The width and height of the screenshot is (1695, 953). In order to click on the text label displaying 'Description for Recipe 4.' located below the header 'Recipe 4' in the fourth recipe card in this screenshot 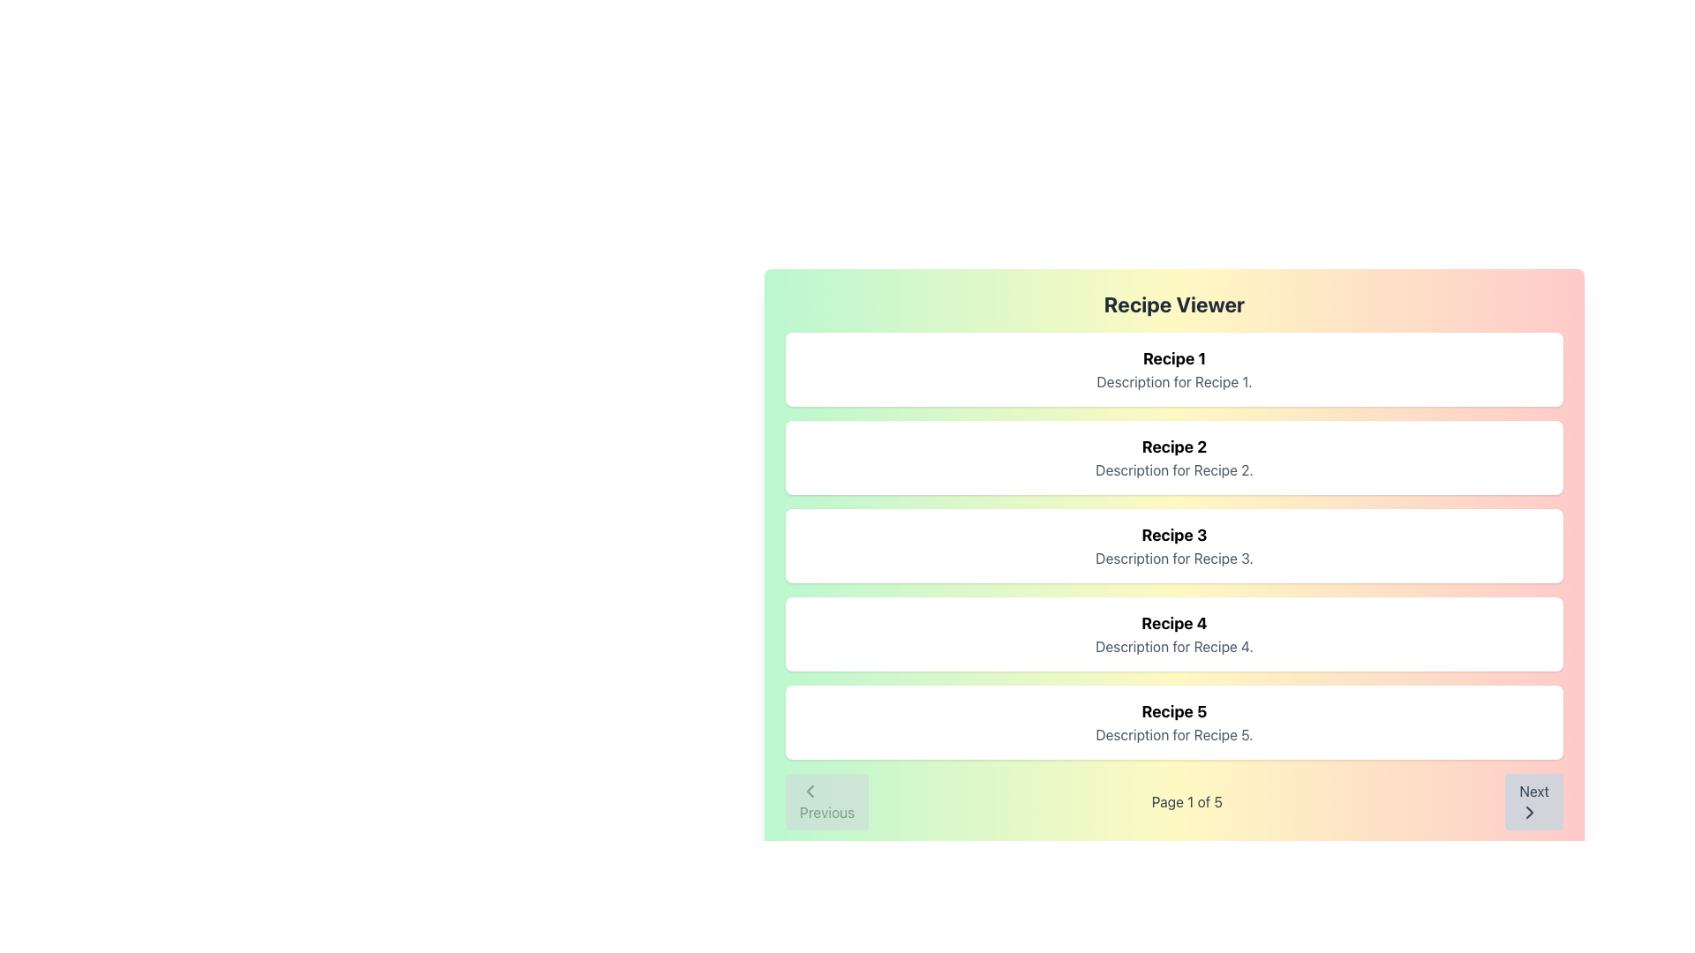, I will do `click(1174, 646)`.